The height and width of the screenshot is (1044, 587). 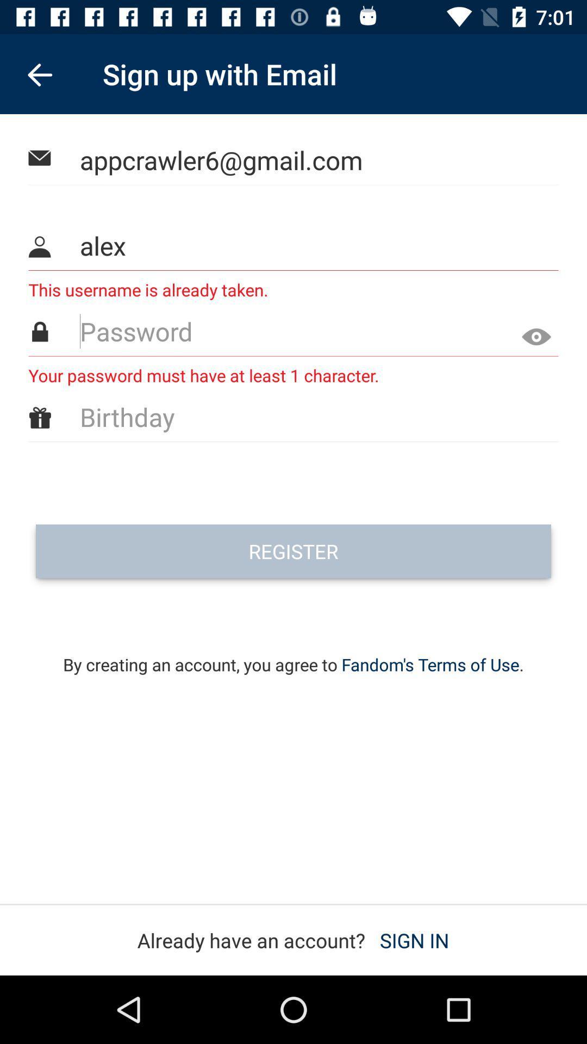 I want to click on the alex item, so click(x=294, y=245).